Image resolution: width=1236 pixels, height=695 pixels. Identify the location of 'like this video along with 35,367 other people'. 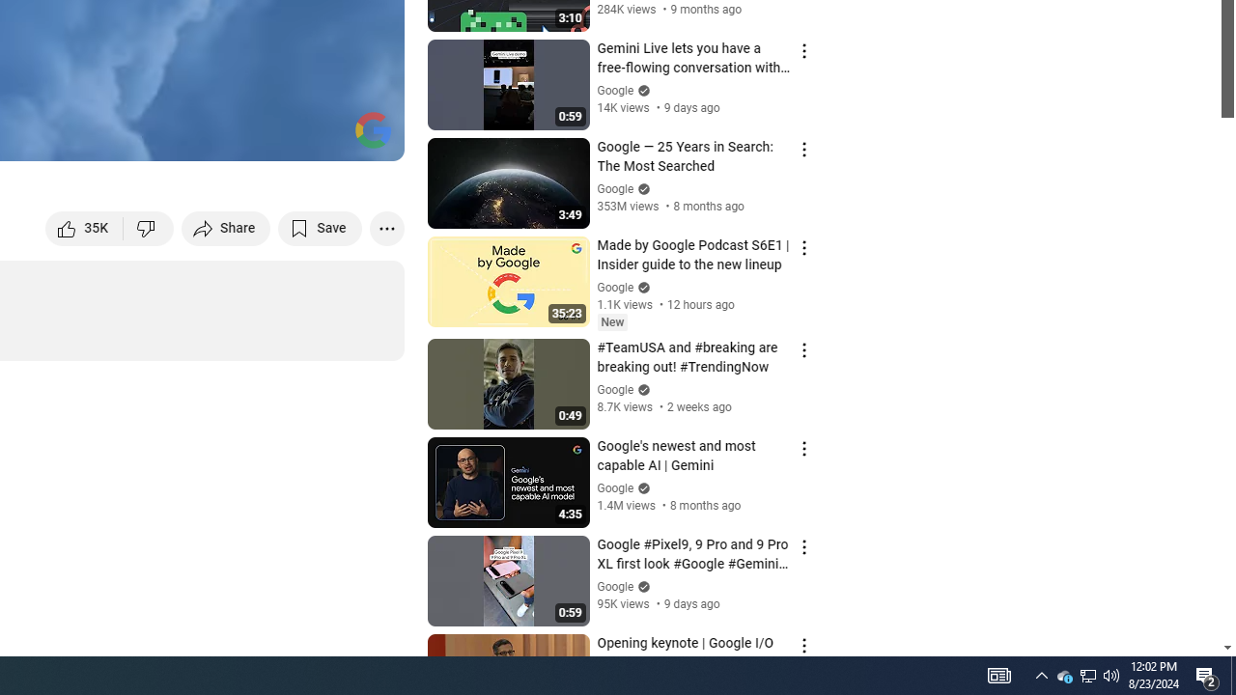
(84, 227).